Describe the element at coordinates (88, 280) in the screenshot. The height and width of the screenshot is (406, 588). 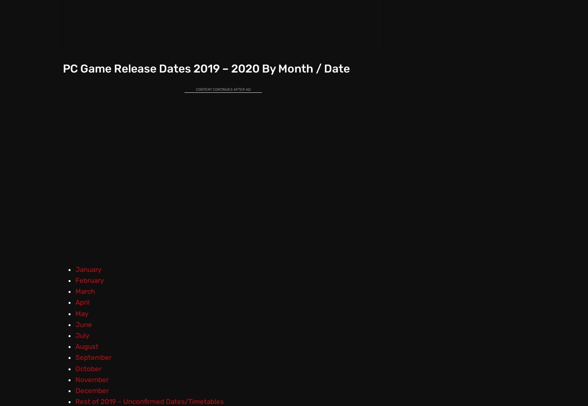
I see `'February'` at that location.